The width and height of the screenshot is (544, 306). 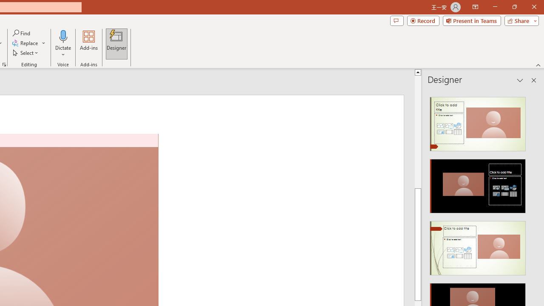 I want to click on 'Task Pane Options', so click(x=520, y=80).